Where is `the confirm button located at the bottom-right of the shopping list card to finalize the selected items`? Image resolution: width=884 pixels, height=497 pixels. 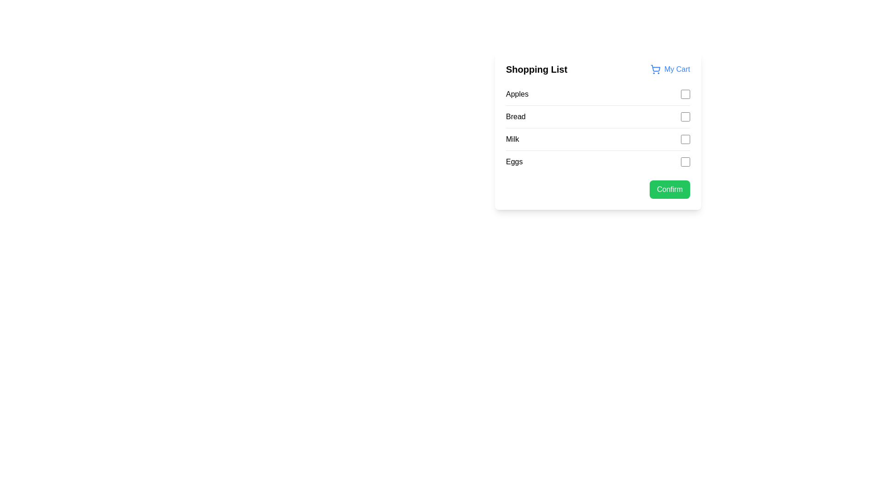 the confirm button located at the bottom-right of the shopping list card to finalize the selected items is located at coordinates (669, 189).